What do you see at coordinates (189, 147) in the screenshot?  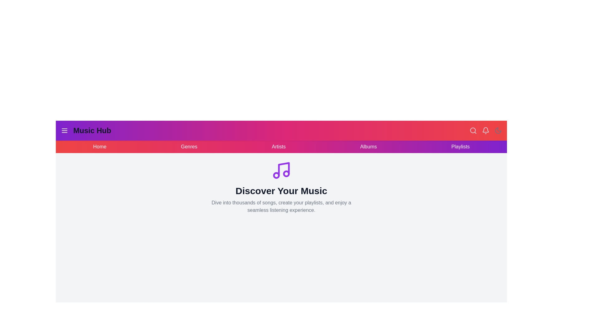 I see `the navigation link Genres` at bounding box center [189, 147].